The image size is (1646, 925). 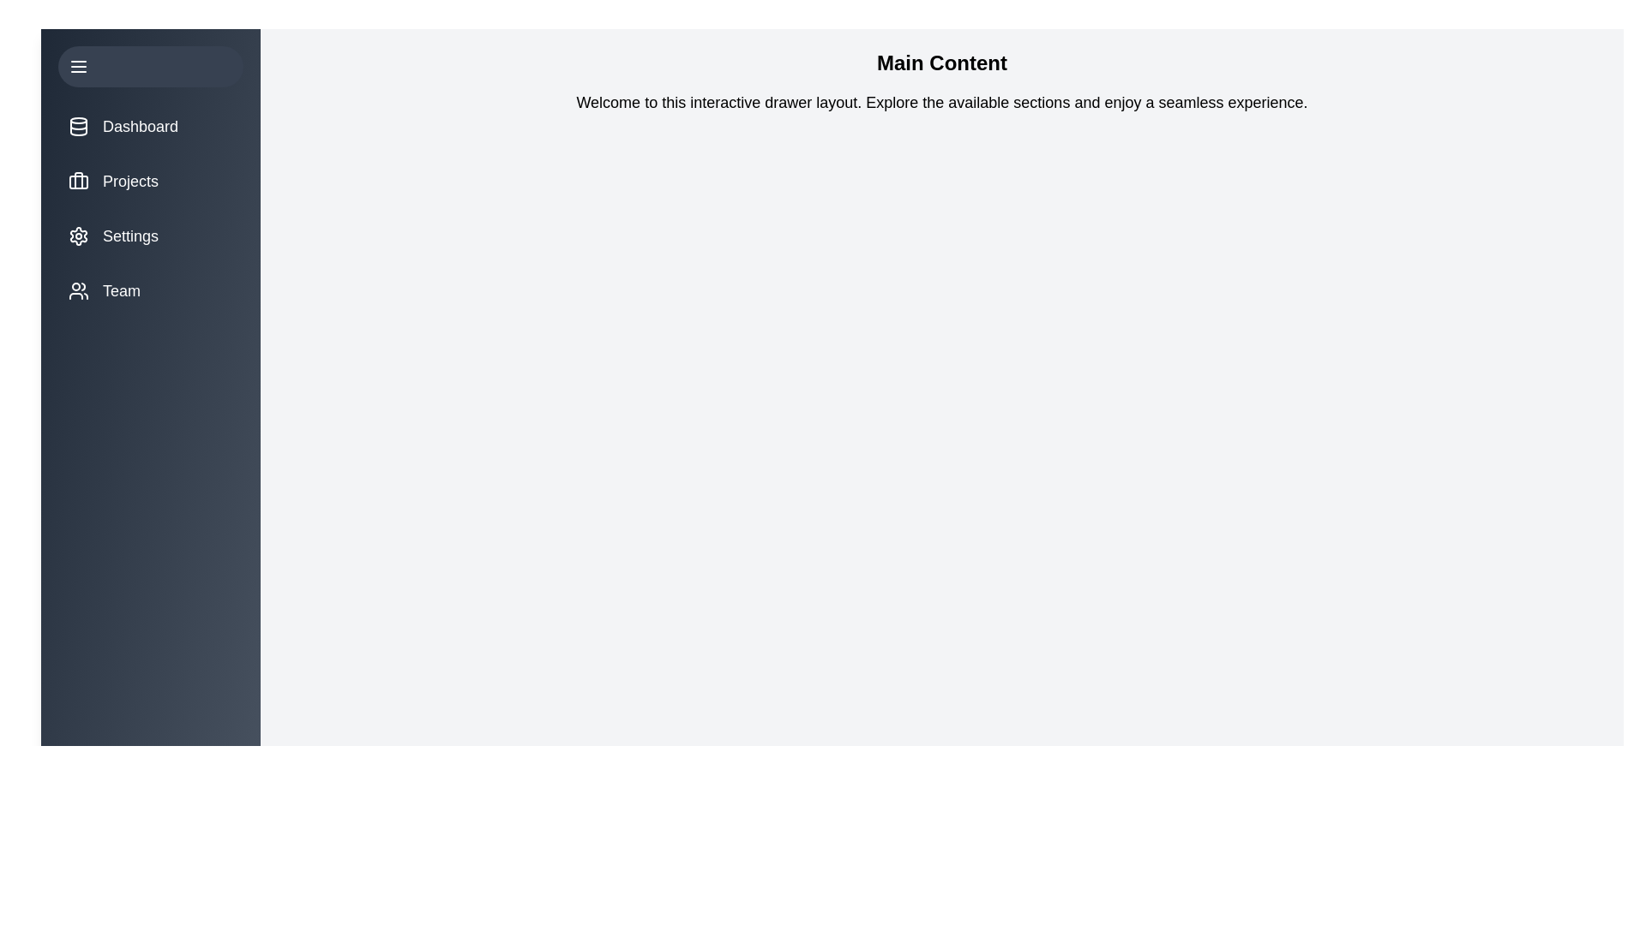 I want to click on the menu item Dashboard to view its hover effect, so click(x=151, y=125).